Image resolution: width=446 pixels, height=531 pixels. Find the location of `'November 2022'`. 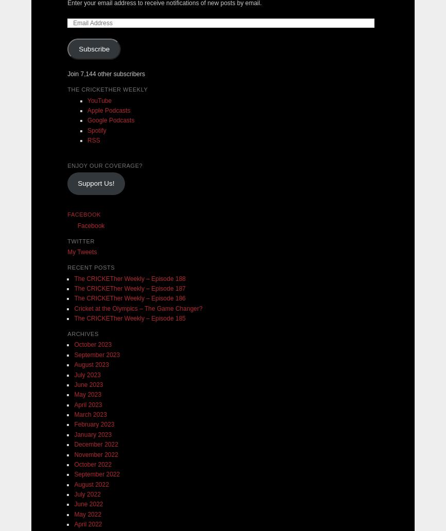

'November 2022' is located at coordinates (96, 454).